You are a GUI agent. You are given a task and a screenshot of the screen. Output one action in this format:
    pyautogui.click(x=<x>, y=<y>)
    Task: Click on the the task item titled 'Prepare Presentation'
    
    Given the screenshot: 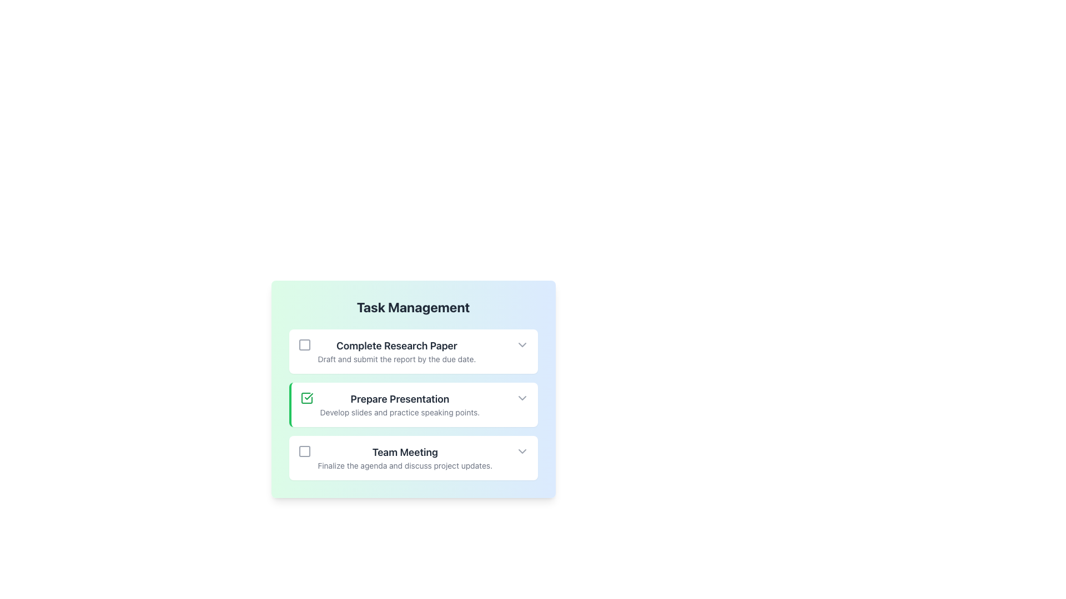 What is the action you would take?
    pyautogui.click(x=413, y=389)
    